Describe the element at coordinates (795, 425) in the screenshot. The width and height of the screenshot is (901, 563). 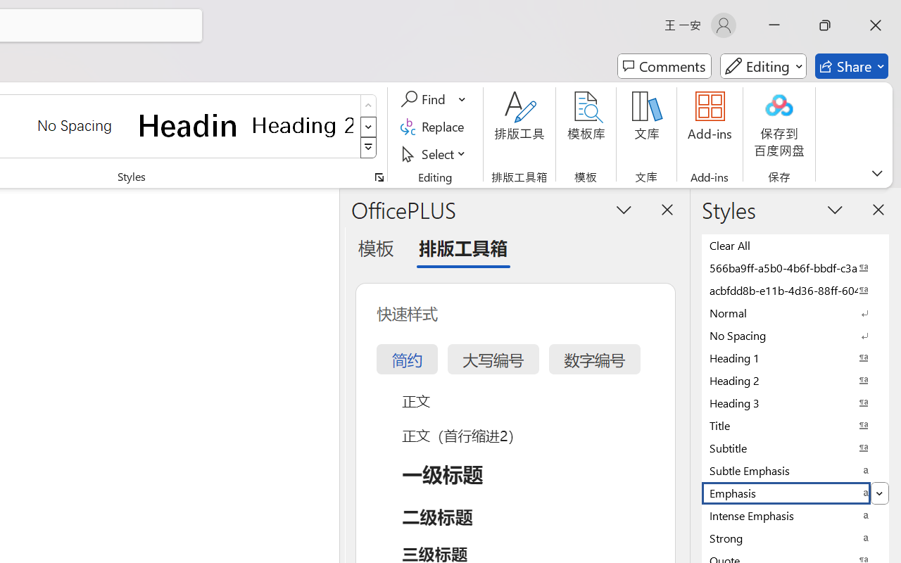
I see `'Title'` at that location.